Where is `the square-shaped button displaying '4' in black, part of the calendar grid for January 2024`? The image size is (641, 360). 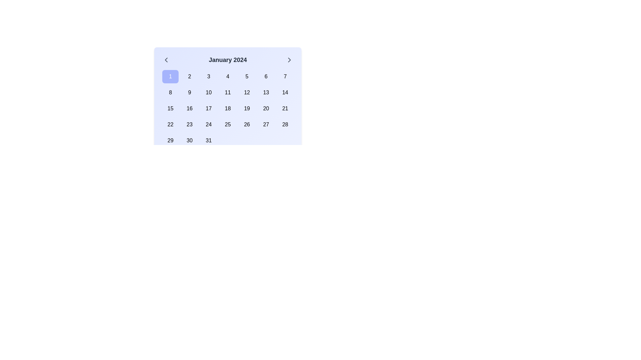 the square-shaped button displaying '4' in black, part of the calendar grid for January 2024 is located at coordinates (228, 76).